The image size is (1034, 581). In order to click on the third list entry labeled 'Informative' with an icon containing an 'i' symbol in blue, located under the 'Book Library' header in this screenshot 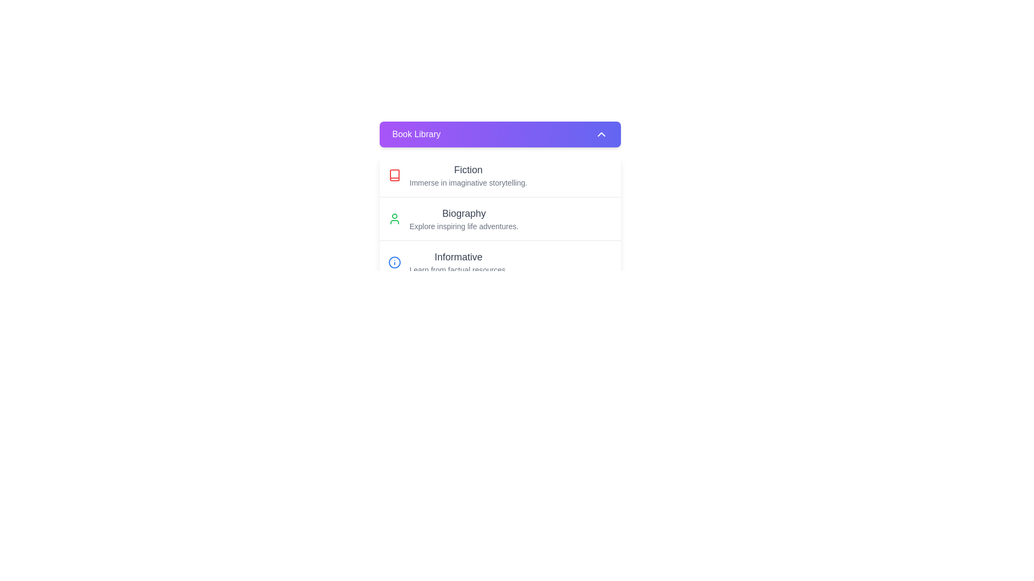, I will do `click(499, 262)`.